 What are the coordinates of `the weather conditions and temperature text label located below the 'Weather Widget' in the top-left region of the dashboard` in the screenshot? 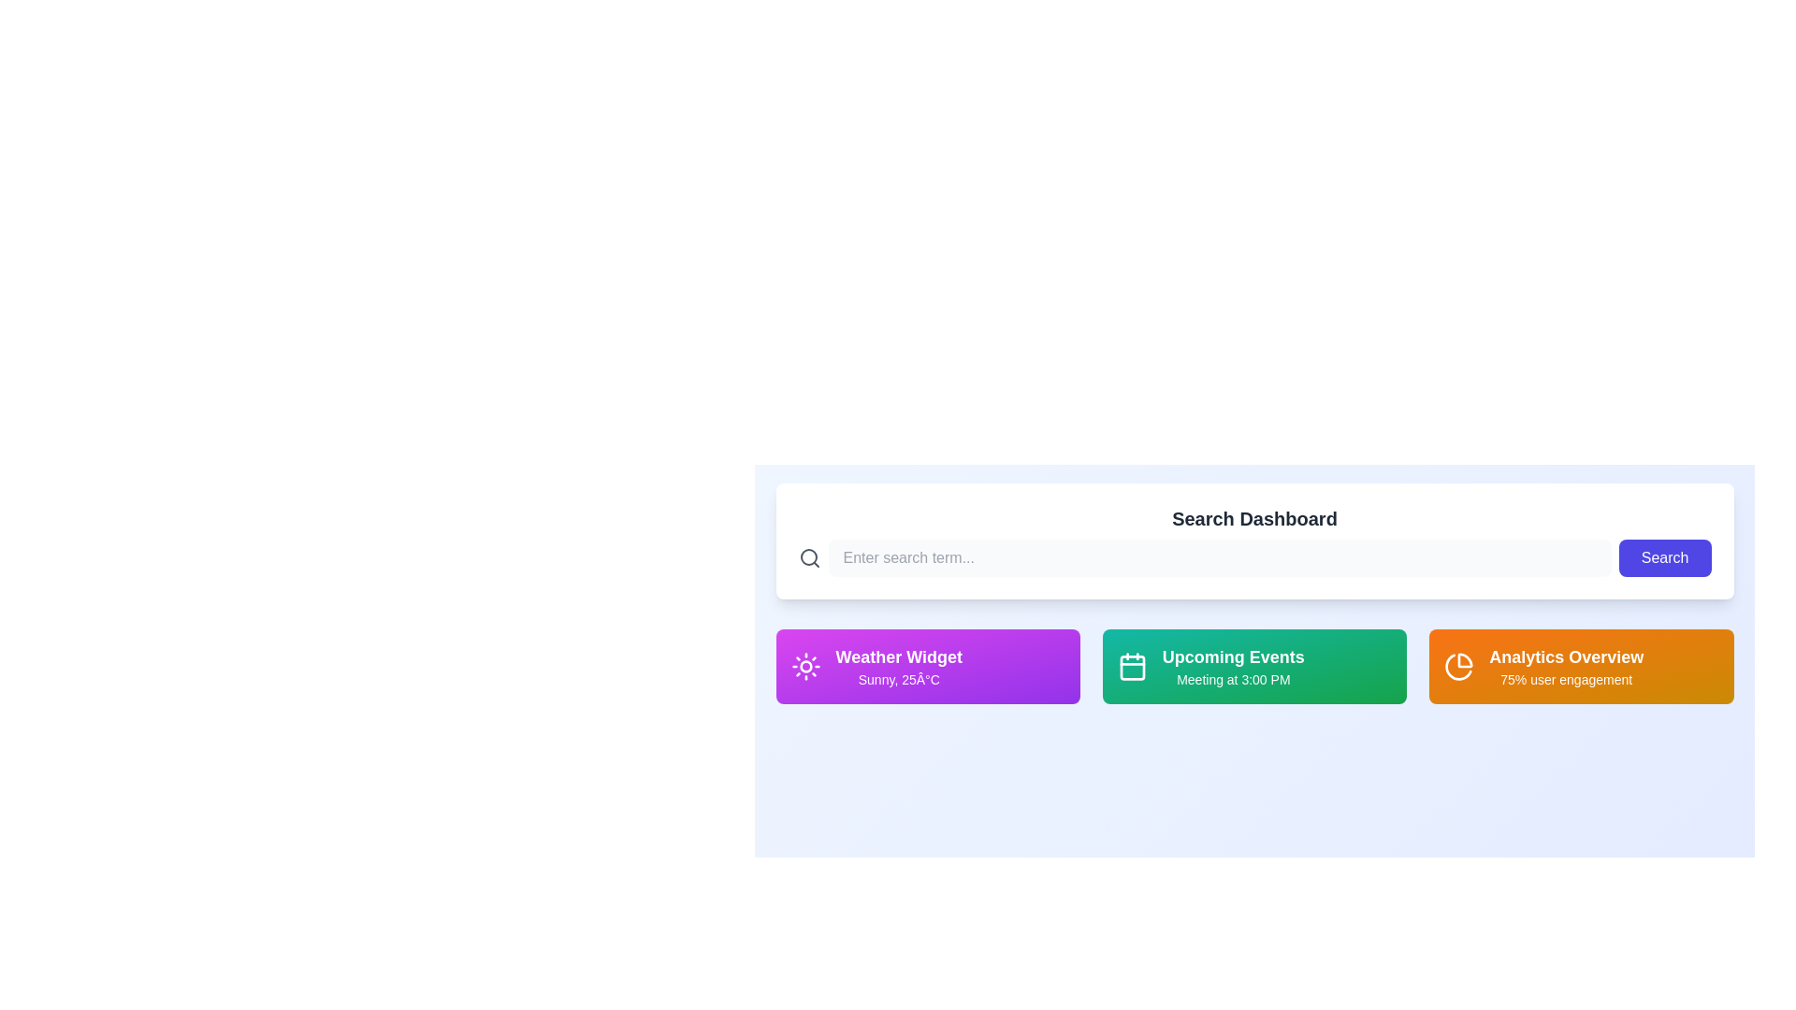 It's located at (899, 679).